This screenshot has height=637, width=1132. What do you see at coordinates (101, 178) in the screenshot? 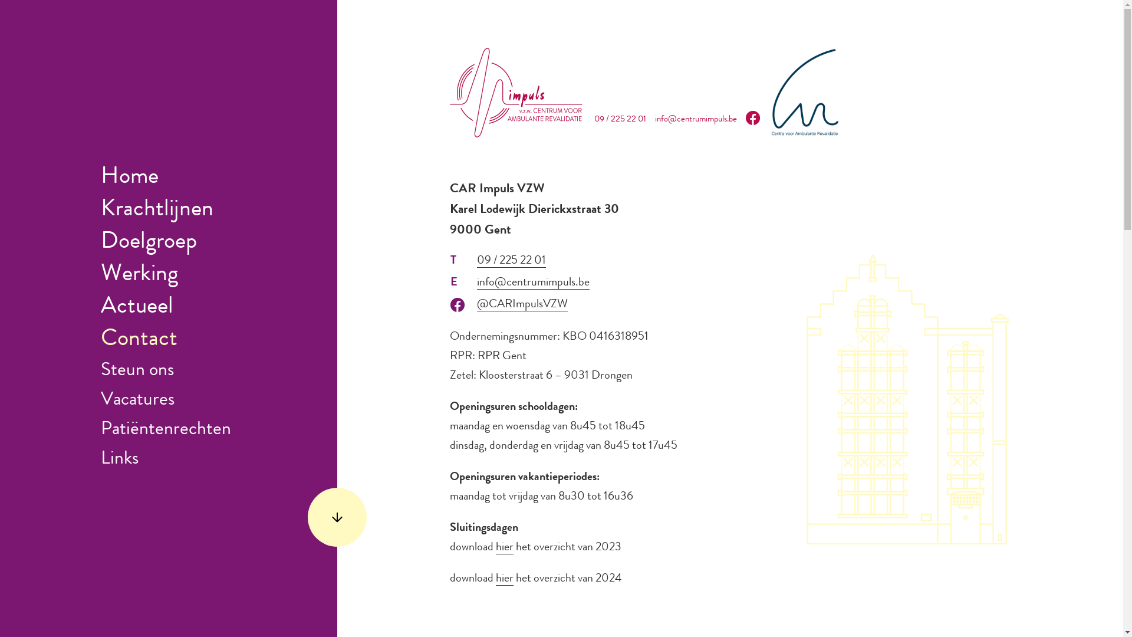
I see `'Home'` at bounding box center [101, 178].